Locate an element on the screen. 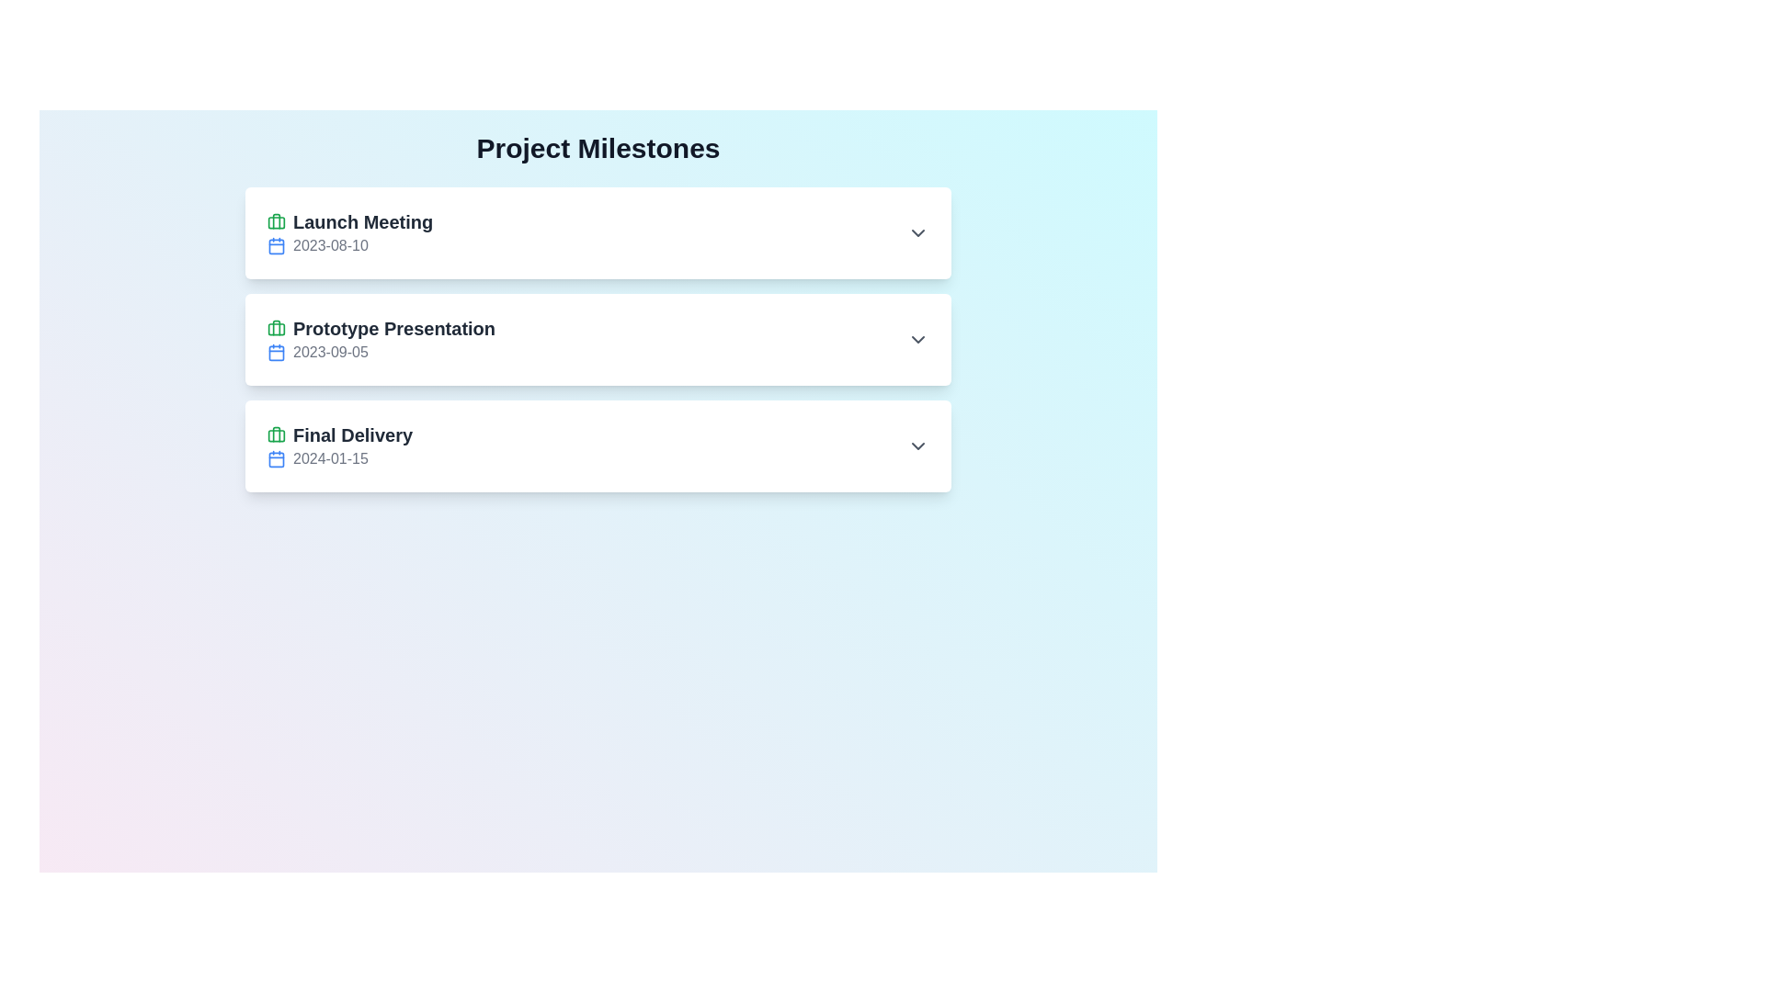 The image size is (1765, 992). the 'Final Delivery' text label, which is styled with bold, large font in dark color and is located in the third card of a vertical list, positioned below 'Prototype Presentation' and above the date label '2024-01-15' is located at coordinates (339, 435).